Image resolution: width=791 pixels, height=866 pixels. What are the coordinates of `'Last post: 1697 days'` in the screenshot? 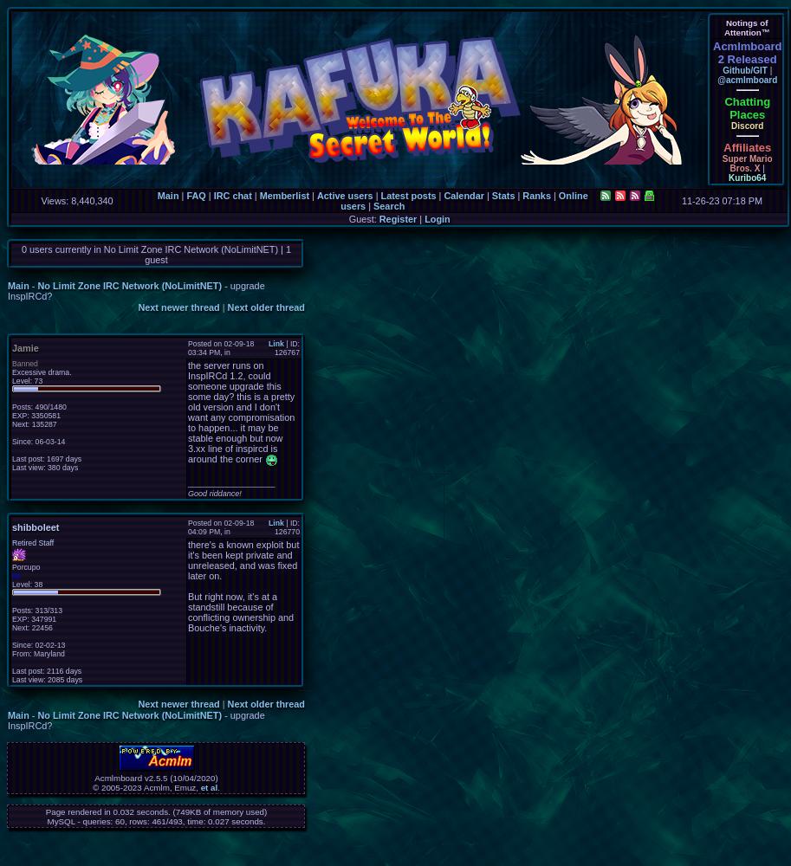 It's located at (45, 459).